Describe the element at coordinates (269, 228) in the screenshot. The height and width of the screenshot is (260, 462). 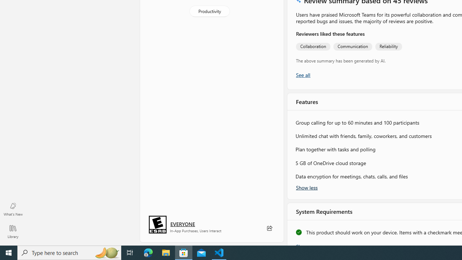
I see `'Share'` at that location.